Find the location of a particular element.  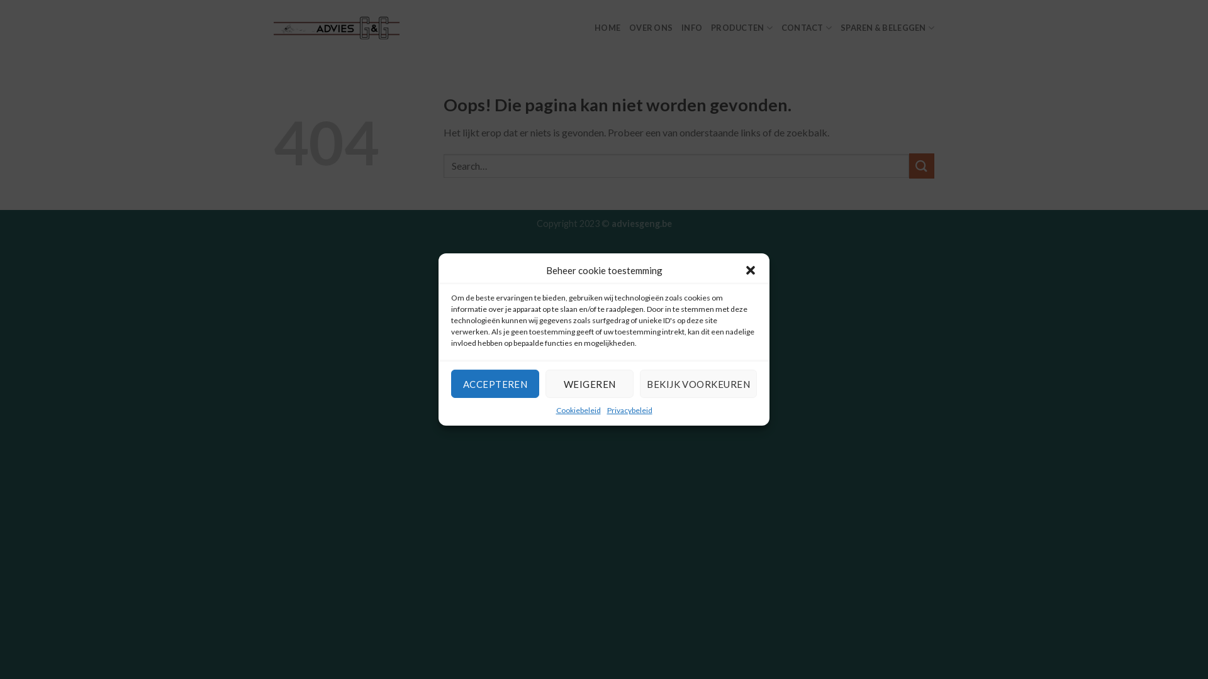

'ACCEPTEREN' is located at coordinates (495, 383).